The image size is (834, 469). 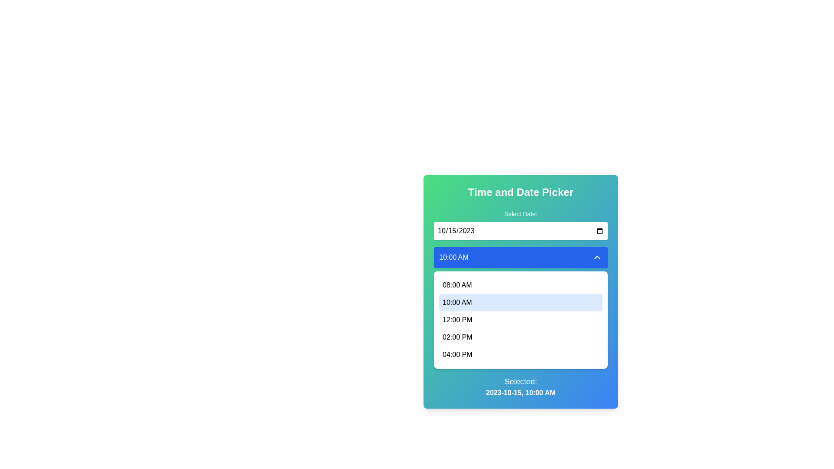 What do you see at coordinates (521, 386) in the screenshot?
I see `the Text Display element that shows 'Selected:' and '2023-10-15, 10:00 AM', which is centrally positioned at the bottom of the time and date selector interface` at bounding box center [521, 386].